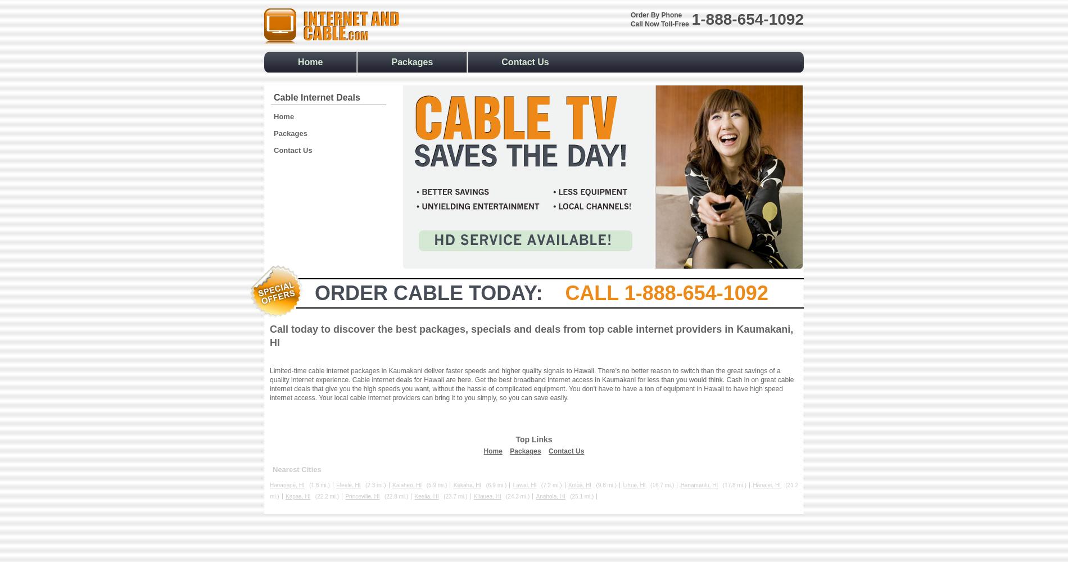 This screenshot has height=562, width=1068. Describe the element at coordinates (655, 15) in the screenshot. I see `'Order By Phone'` at that location.